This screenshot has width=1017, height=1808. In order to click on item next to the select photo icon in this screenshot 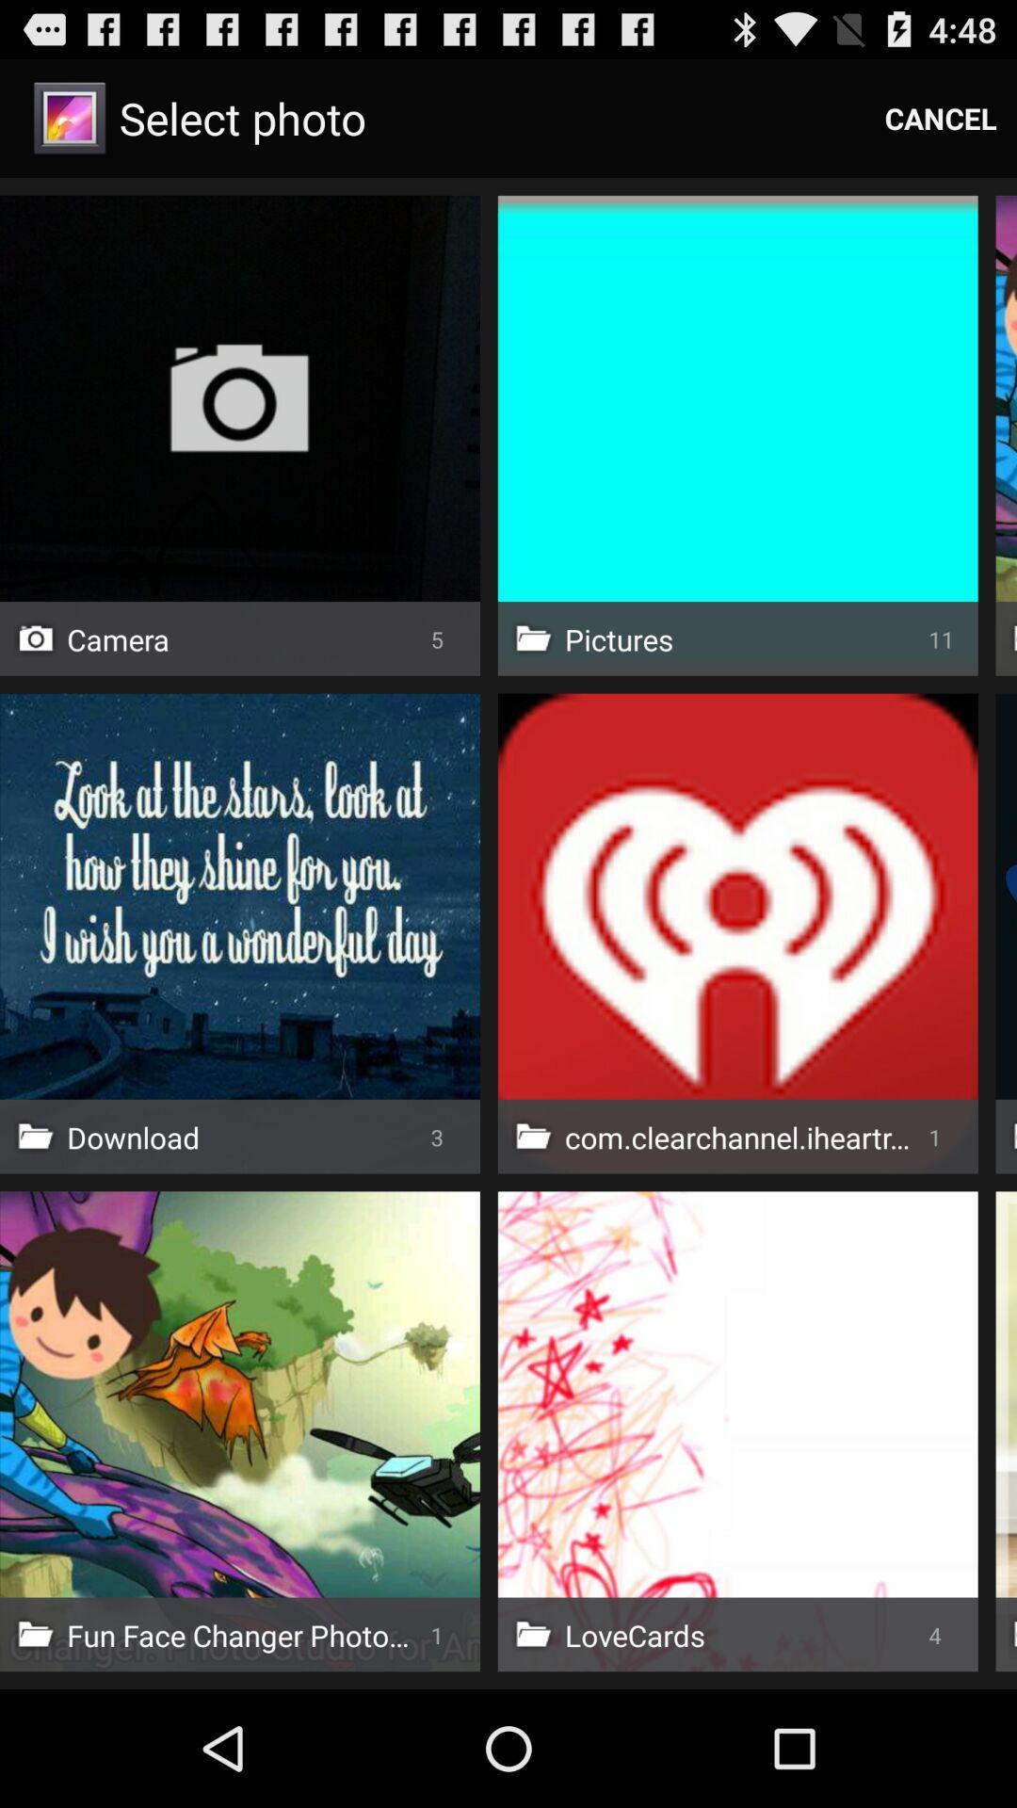, I will do `click(941, 117)`.